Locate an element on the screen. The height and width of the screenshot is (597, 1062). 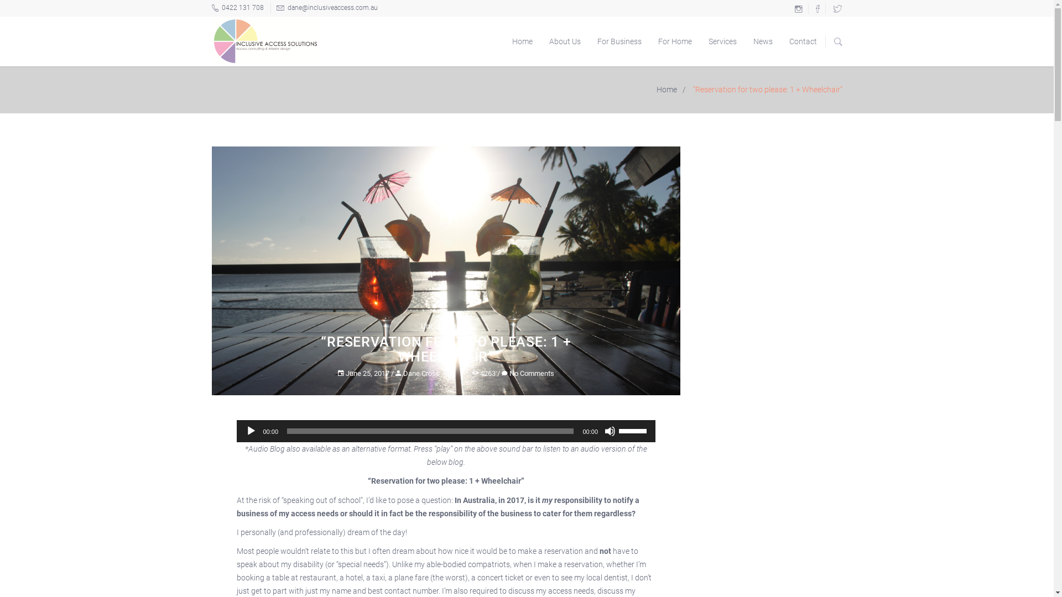
'Contact' is located at coordinates (803, 40).